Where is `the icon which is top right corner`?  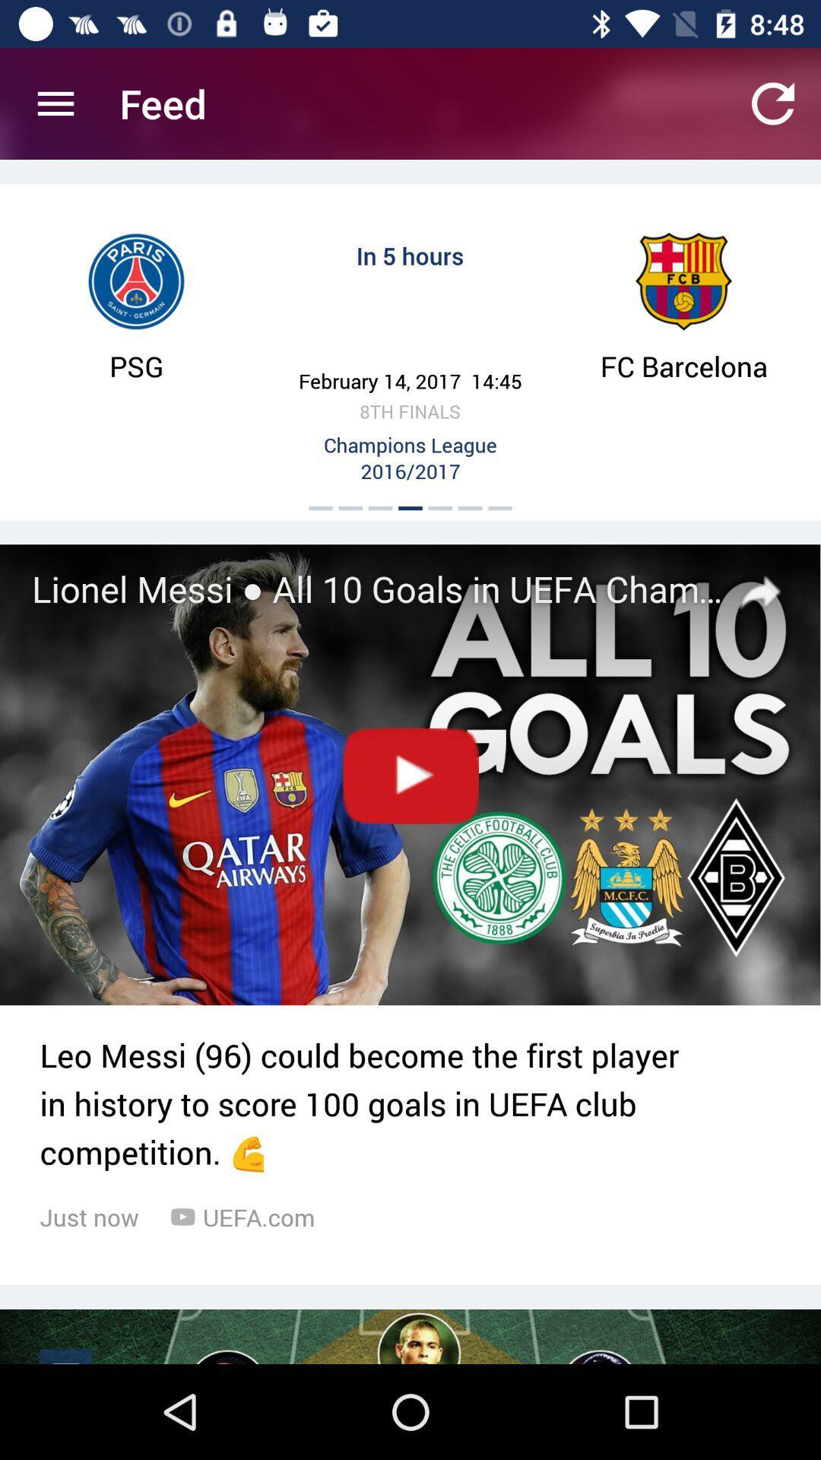 the icon which is top right corner is located at coordinates (773, 103).